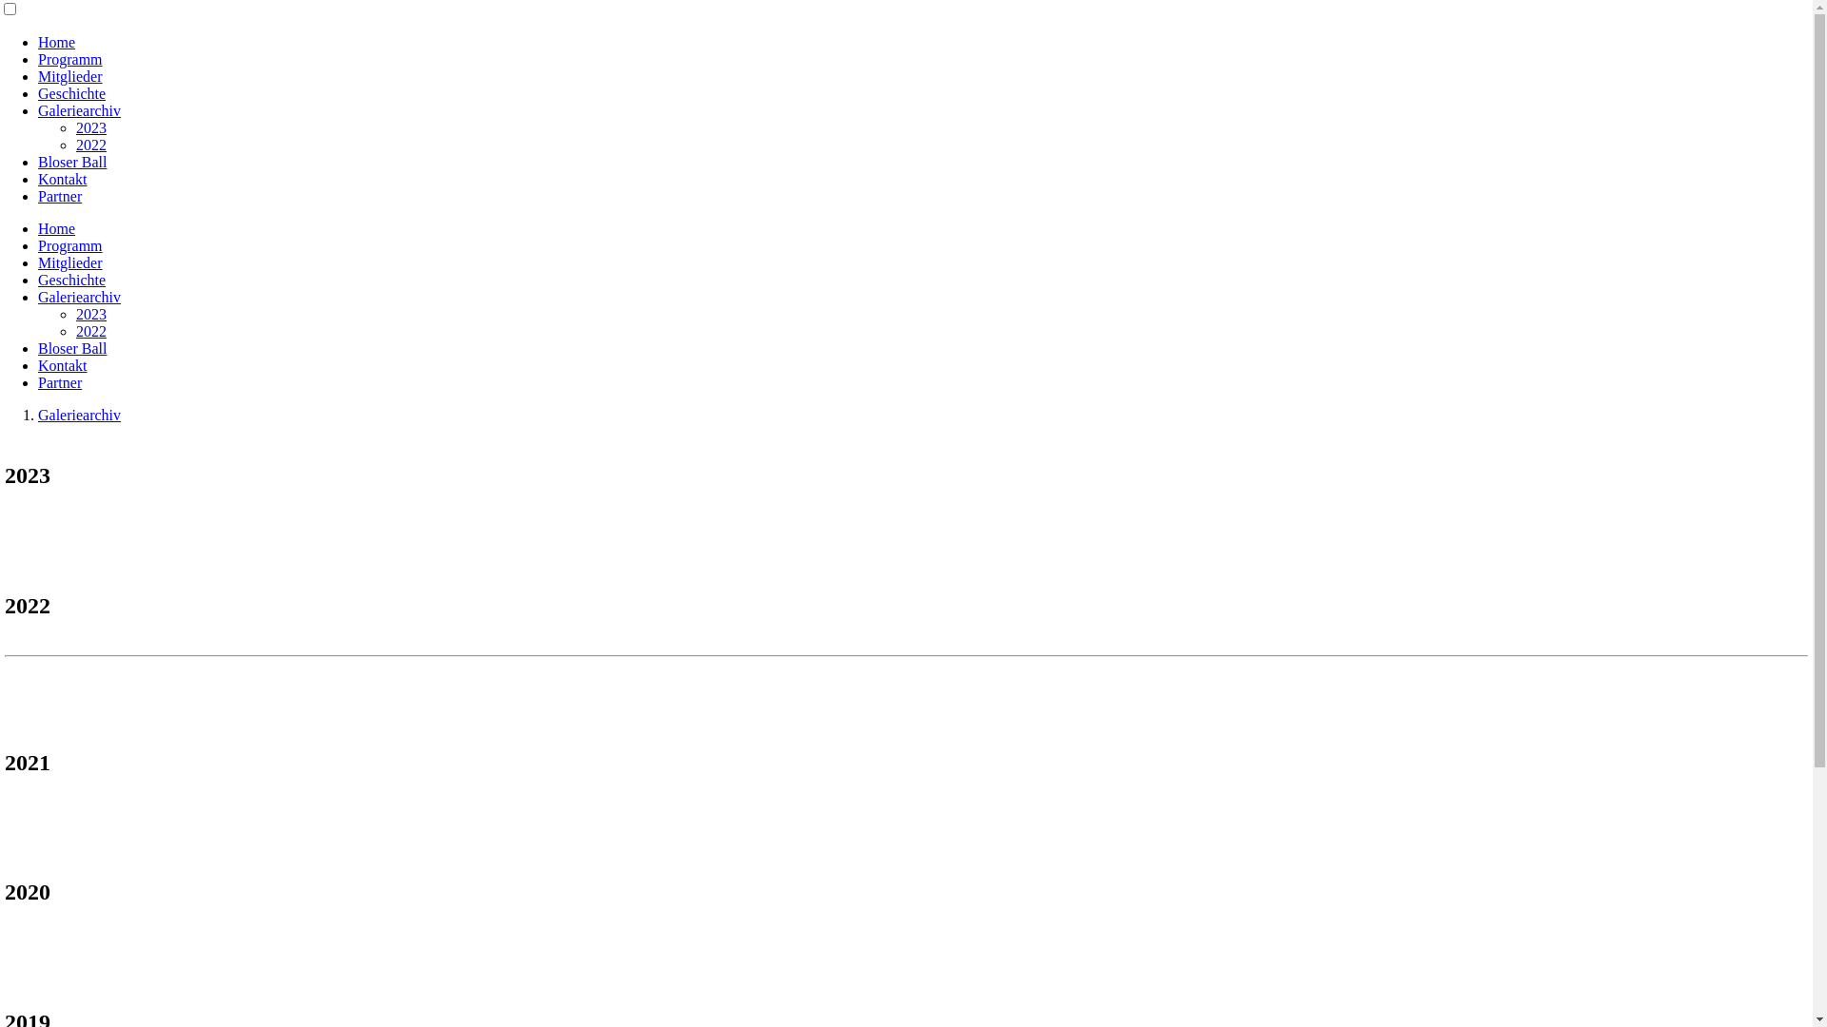 The width and height of the screenshot is (1827, 1027). Describe the element at coordinates (59, 196) in the screenshot. I see `'Partner'` at that location.